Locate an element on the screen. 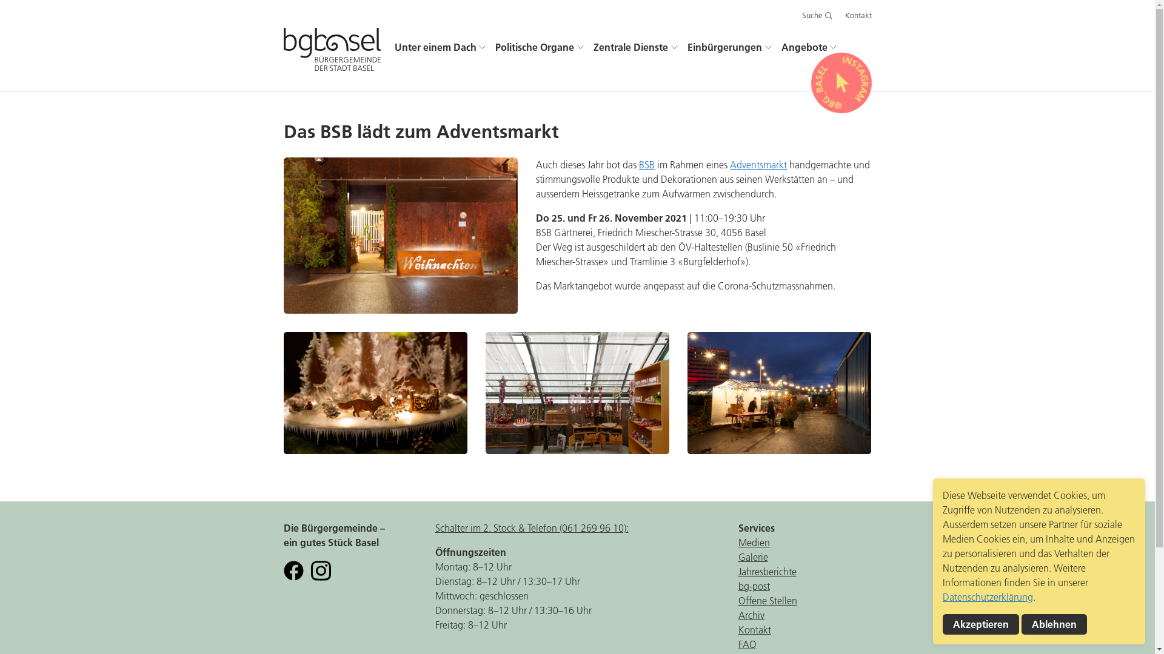  'adventsmarkt-bsb-2.jpg' is located at coordinates (577, 392).